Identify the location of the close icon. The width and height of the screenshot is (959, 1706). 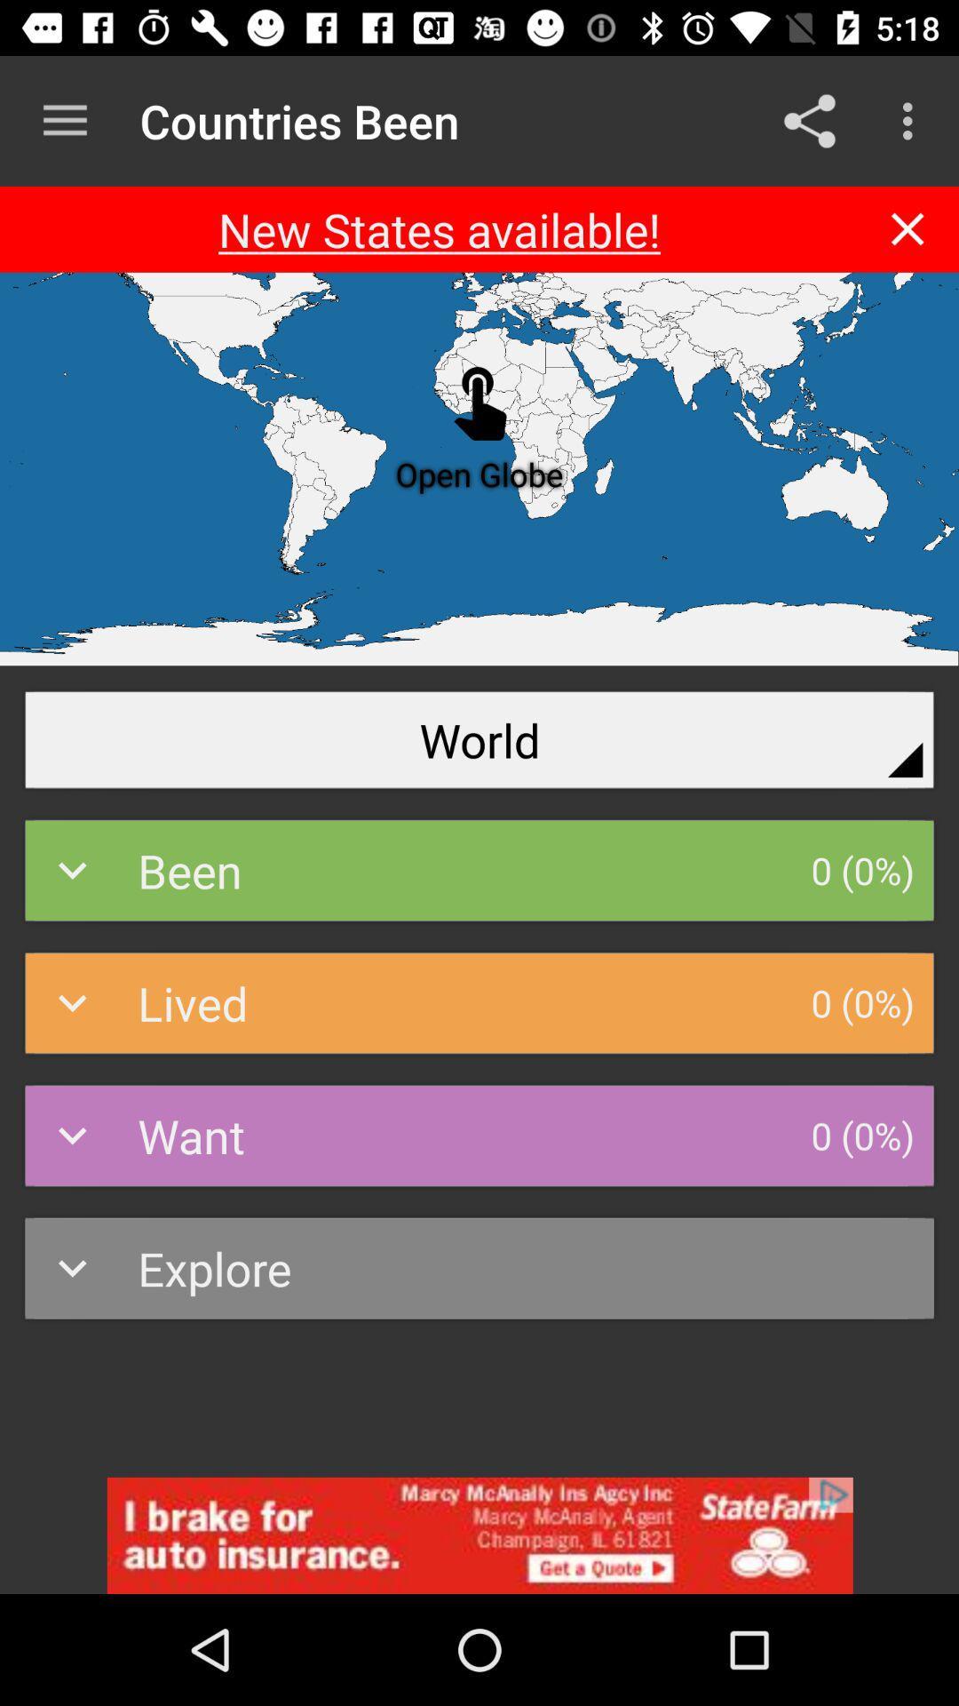
(907, 228).